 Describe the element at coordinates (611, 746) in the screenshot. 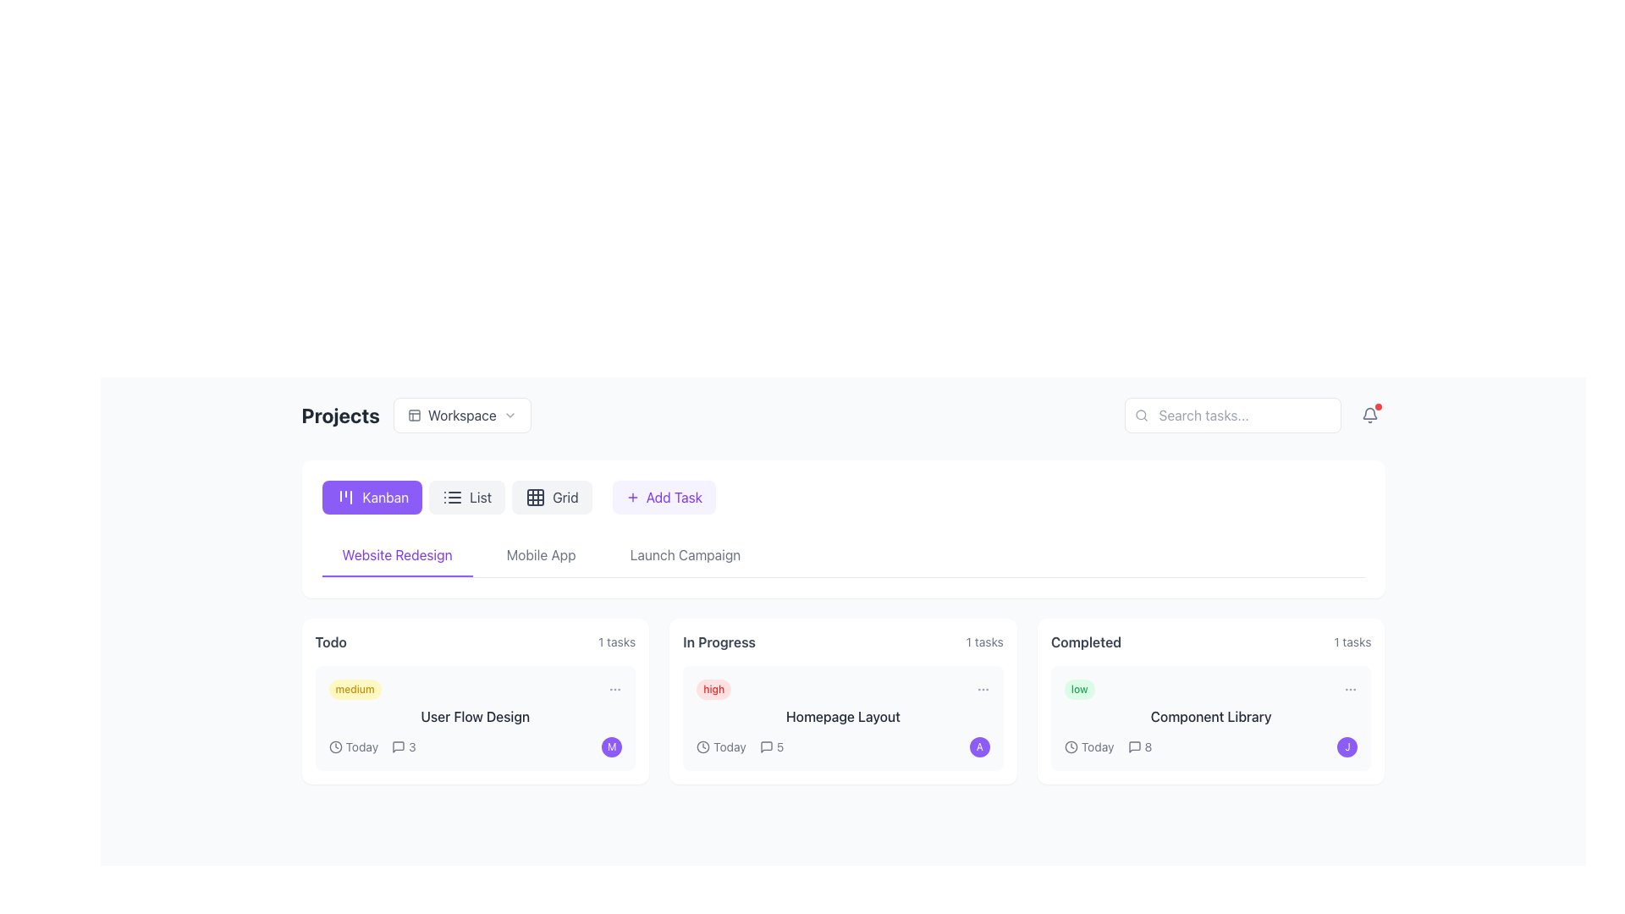

I see `the circular badge icon with a violet background and white 'M' text located at the bottom of the 'Todo' column in the 'User Flow Design' task card` at that location.